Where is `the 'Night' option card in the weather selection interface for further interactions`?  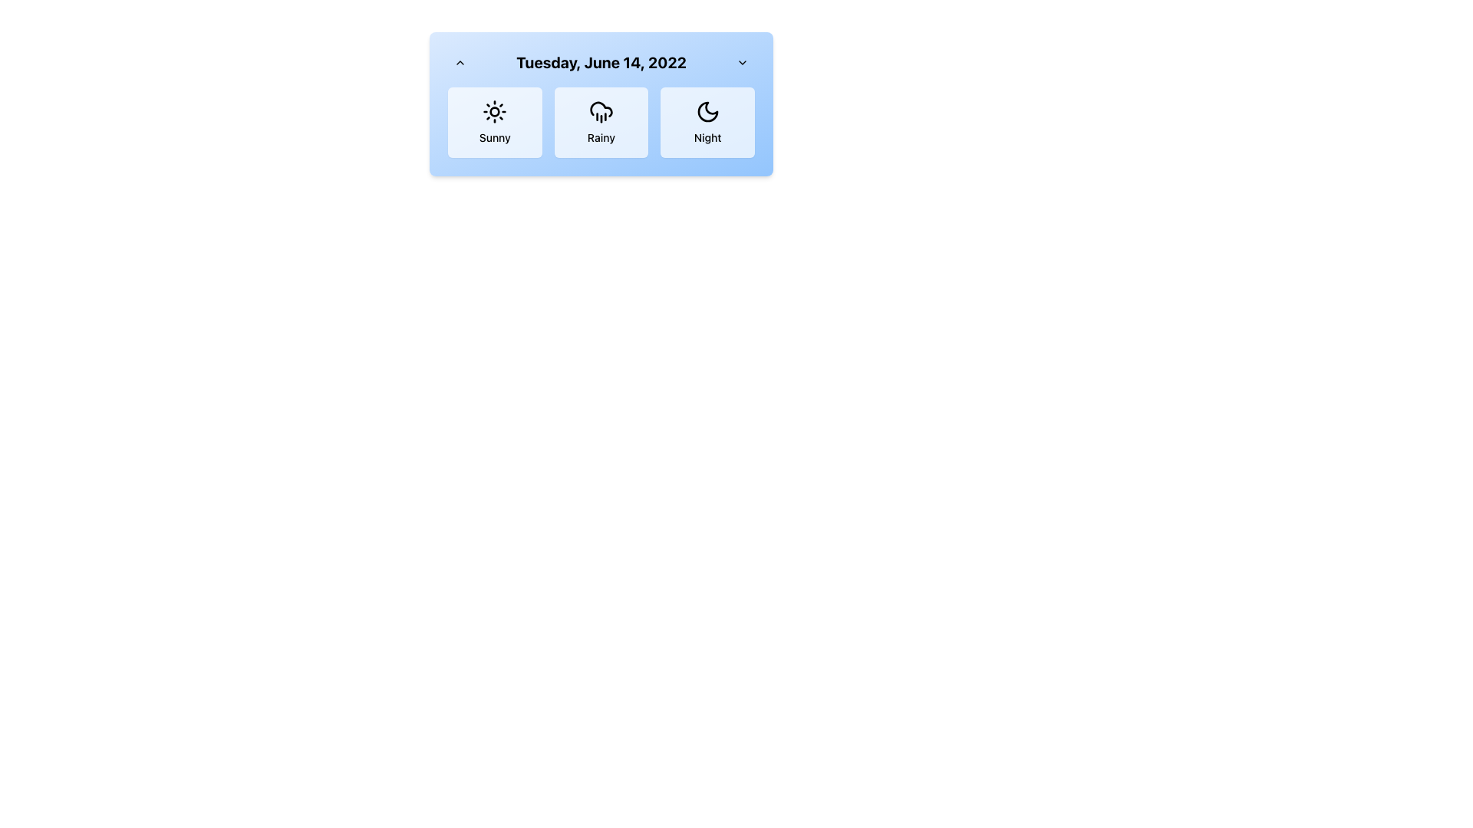 the 'Night' option card in the weather selection interface for further interactions is located at coordinates (707, 121).